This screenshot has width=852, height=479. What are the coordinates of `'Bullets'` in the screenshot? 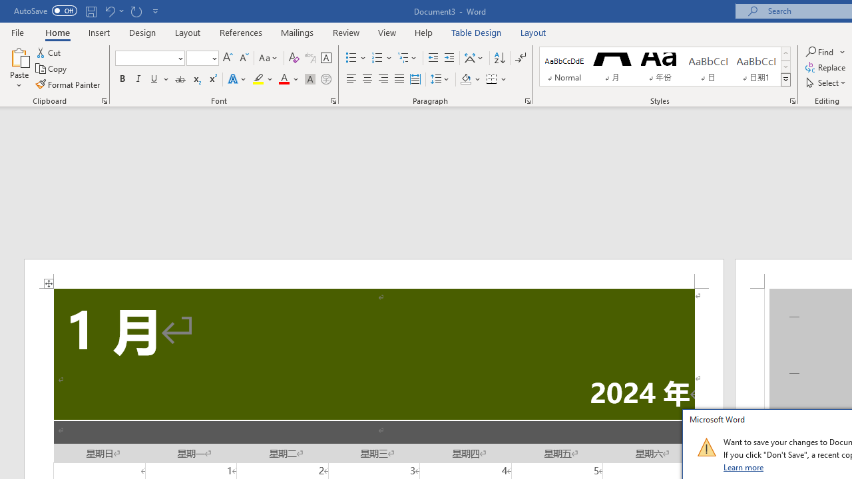 It's located at (356, 57).